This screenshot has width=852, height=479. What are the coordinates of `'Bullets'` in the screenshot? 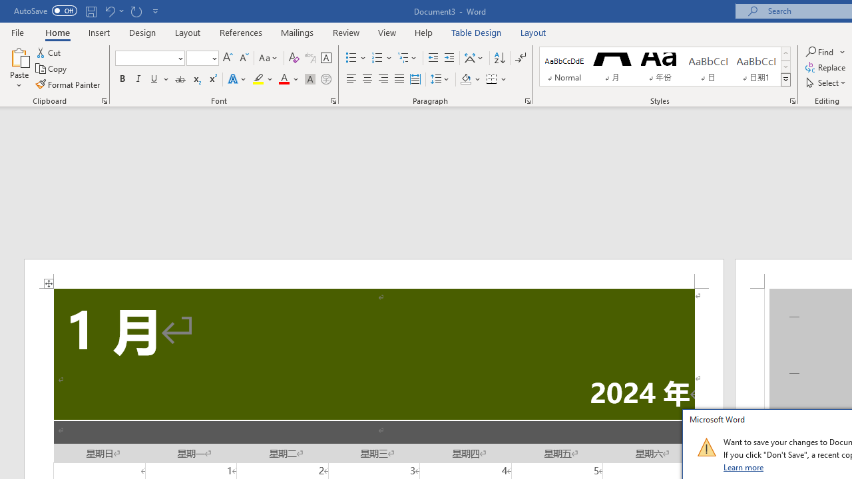 It's located at (356, 57).